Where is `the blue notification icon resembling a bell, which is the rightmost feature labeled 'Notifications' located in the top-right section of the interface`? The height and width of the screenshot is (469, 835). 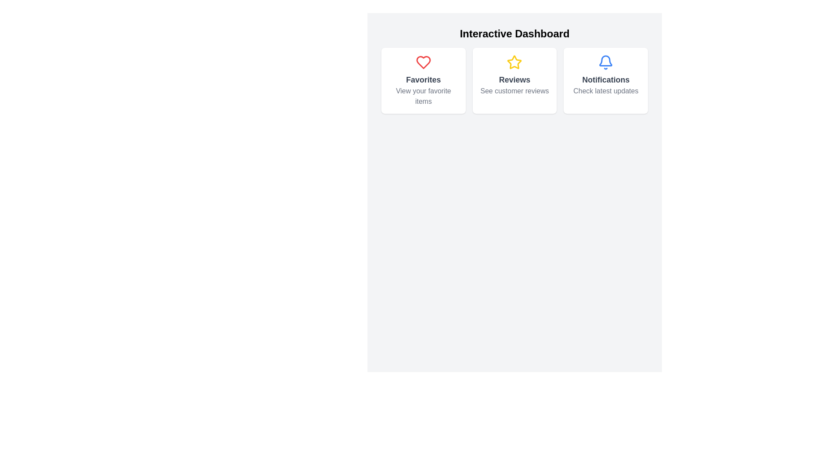 the blue notification icon resembling a bell, which is the rightmost feature labeled 'Notifications' located in the top-right section of the interface is located at coordinates (605, 62).